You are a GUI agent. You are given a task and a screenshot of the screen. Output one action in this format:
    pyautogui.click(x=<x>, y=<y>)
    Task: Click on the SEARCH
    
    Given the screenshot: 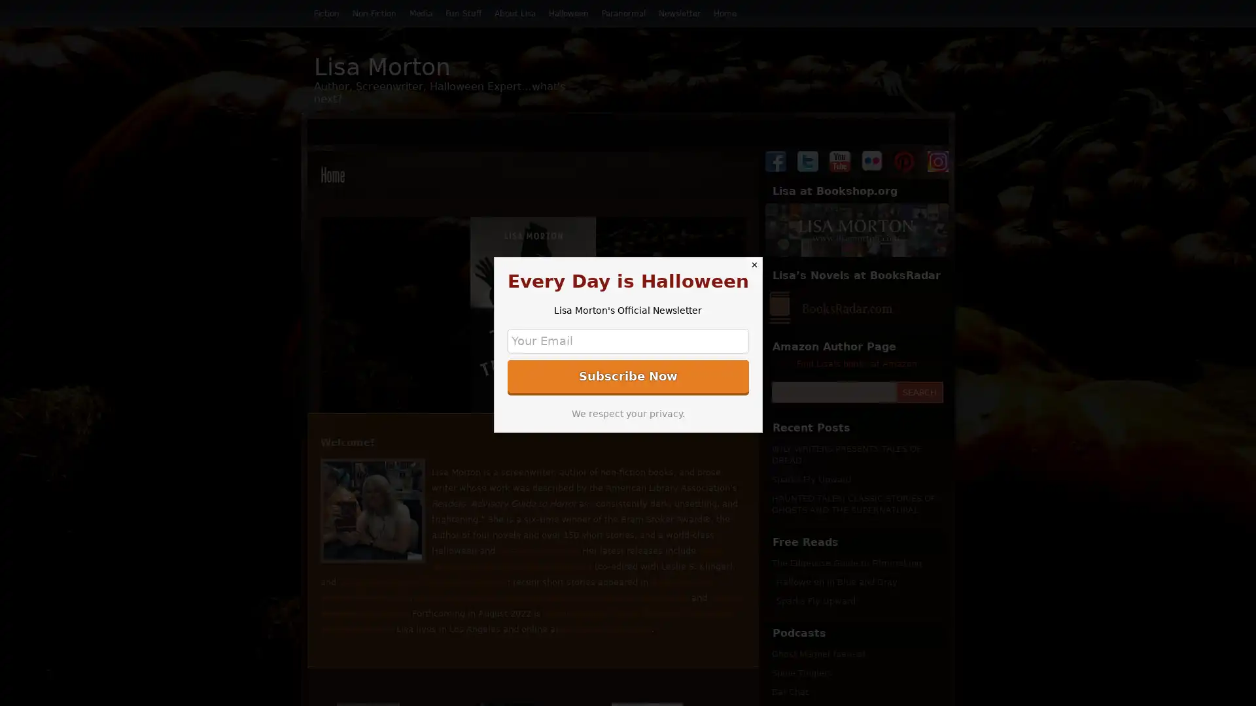 What is the action you would take?
    pyautogui.click(x=919, y=392)
    